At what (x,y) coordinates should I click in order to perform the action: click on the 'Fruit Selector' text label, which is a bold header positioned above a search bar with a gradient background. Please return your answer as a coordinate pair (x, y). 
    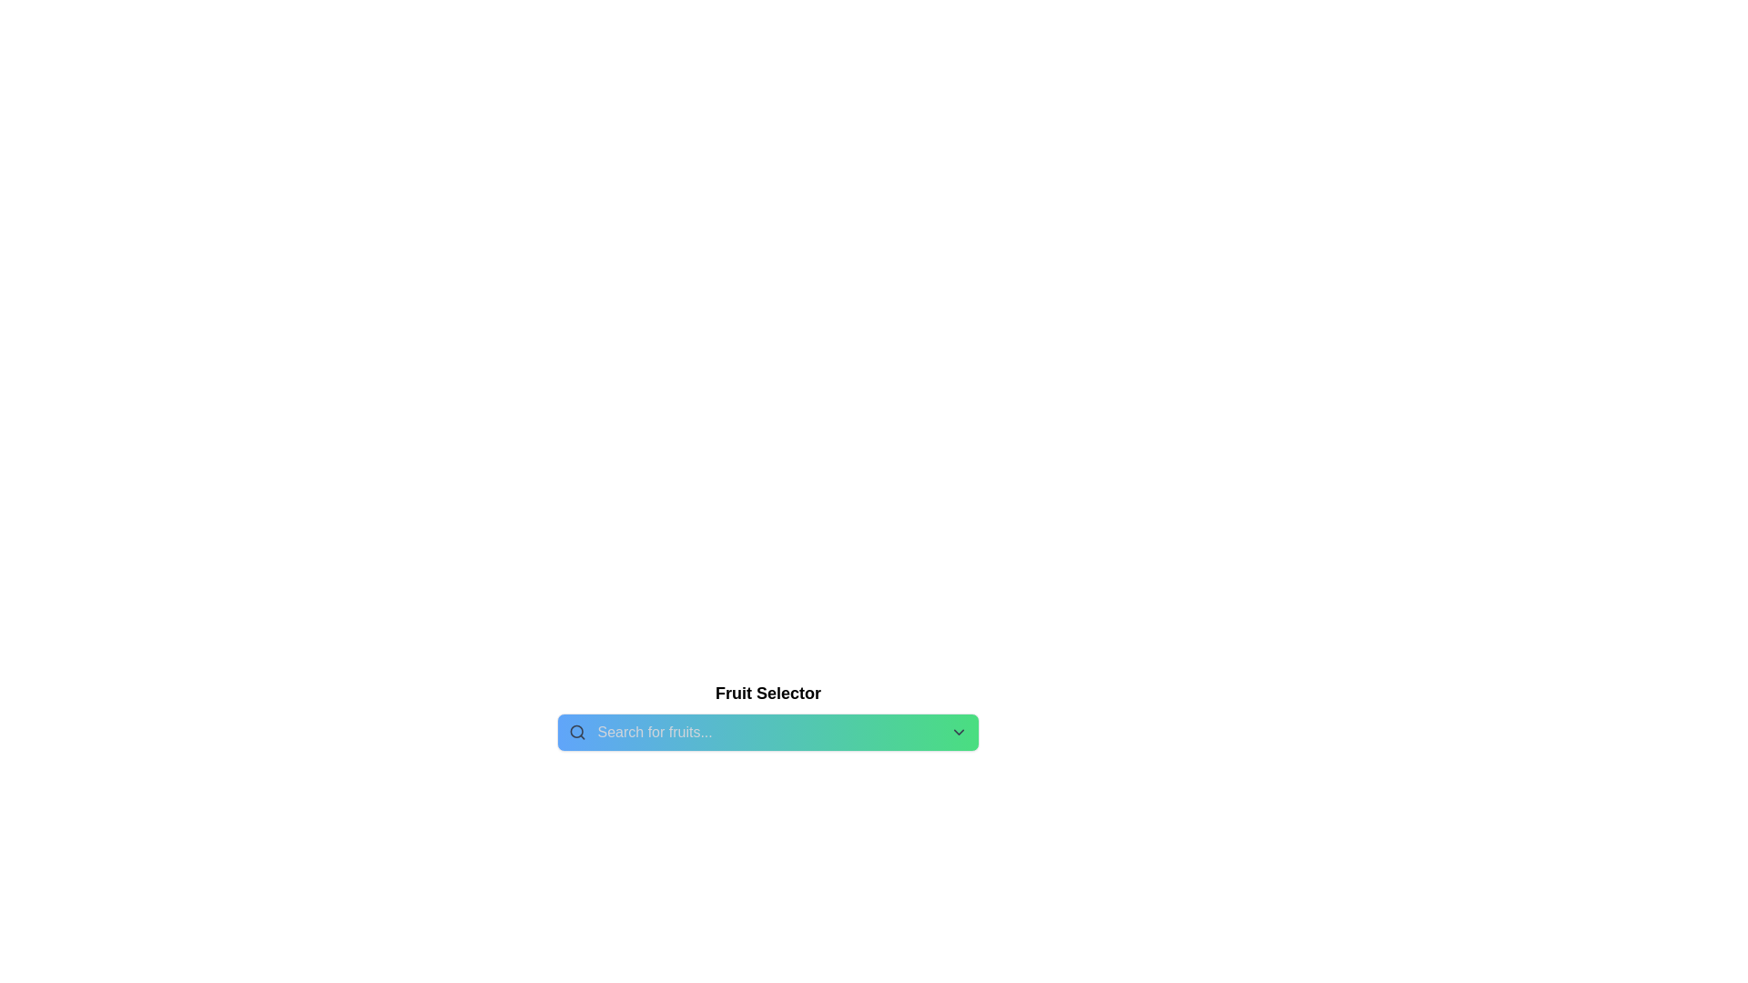
    Looking at the image, I should click on (768, 694).